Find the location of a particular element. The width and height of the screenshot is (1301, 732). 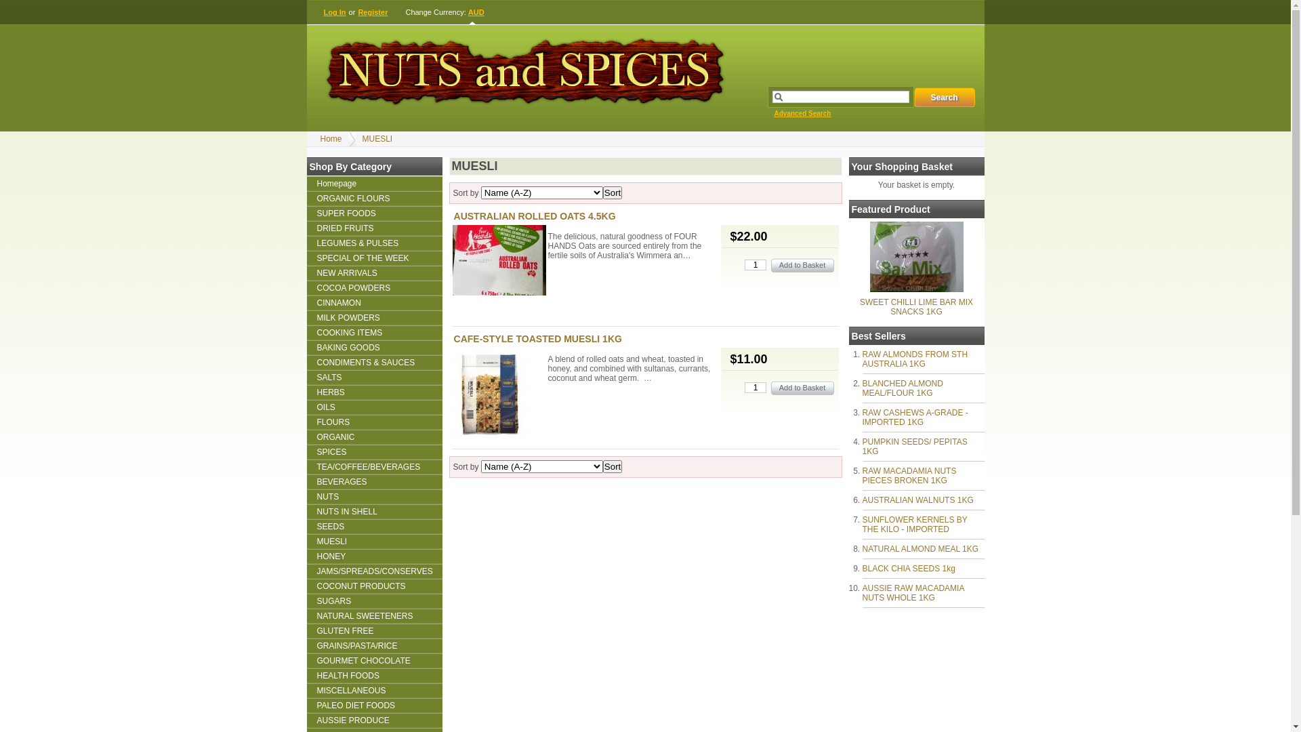

'SALTS' is located at coordinates (374, 377).